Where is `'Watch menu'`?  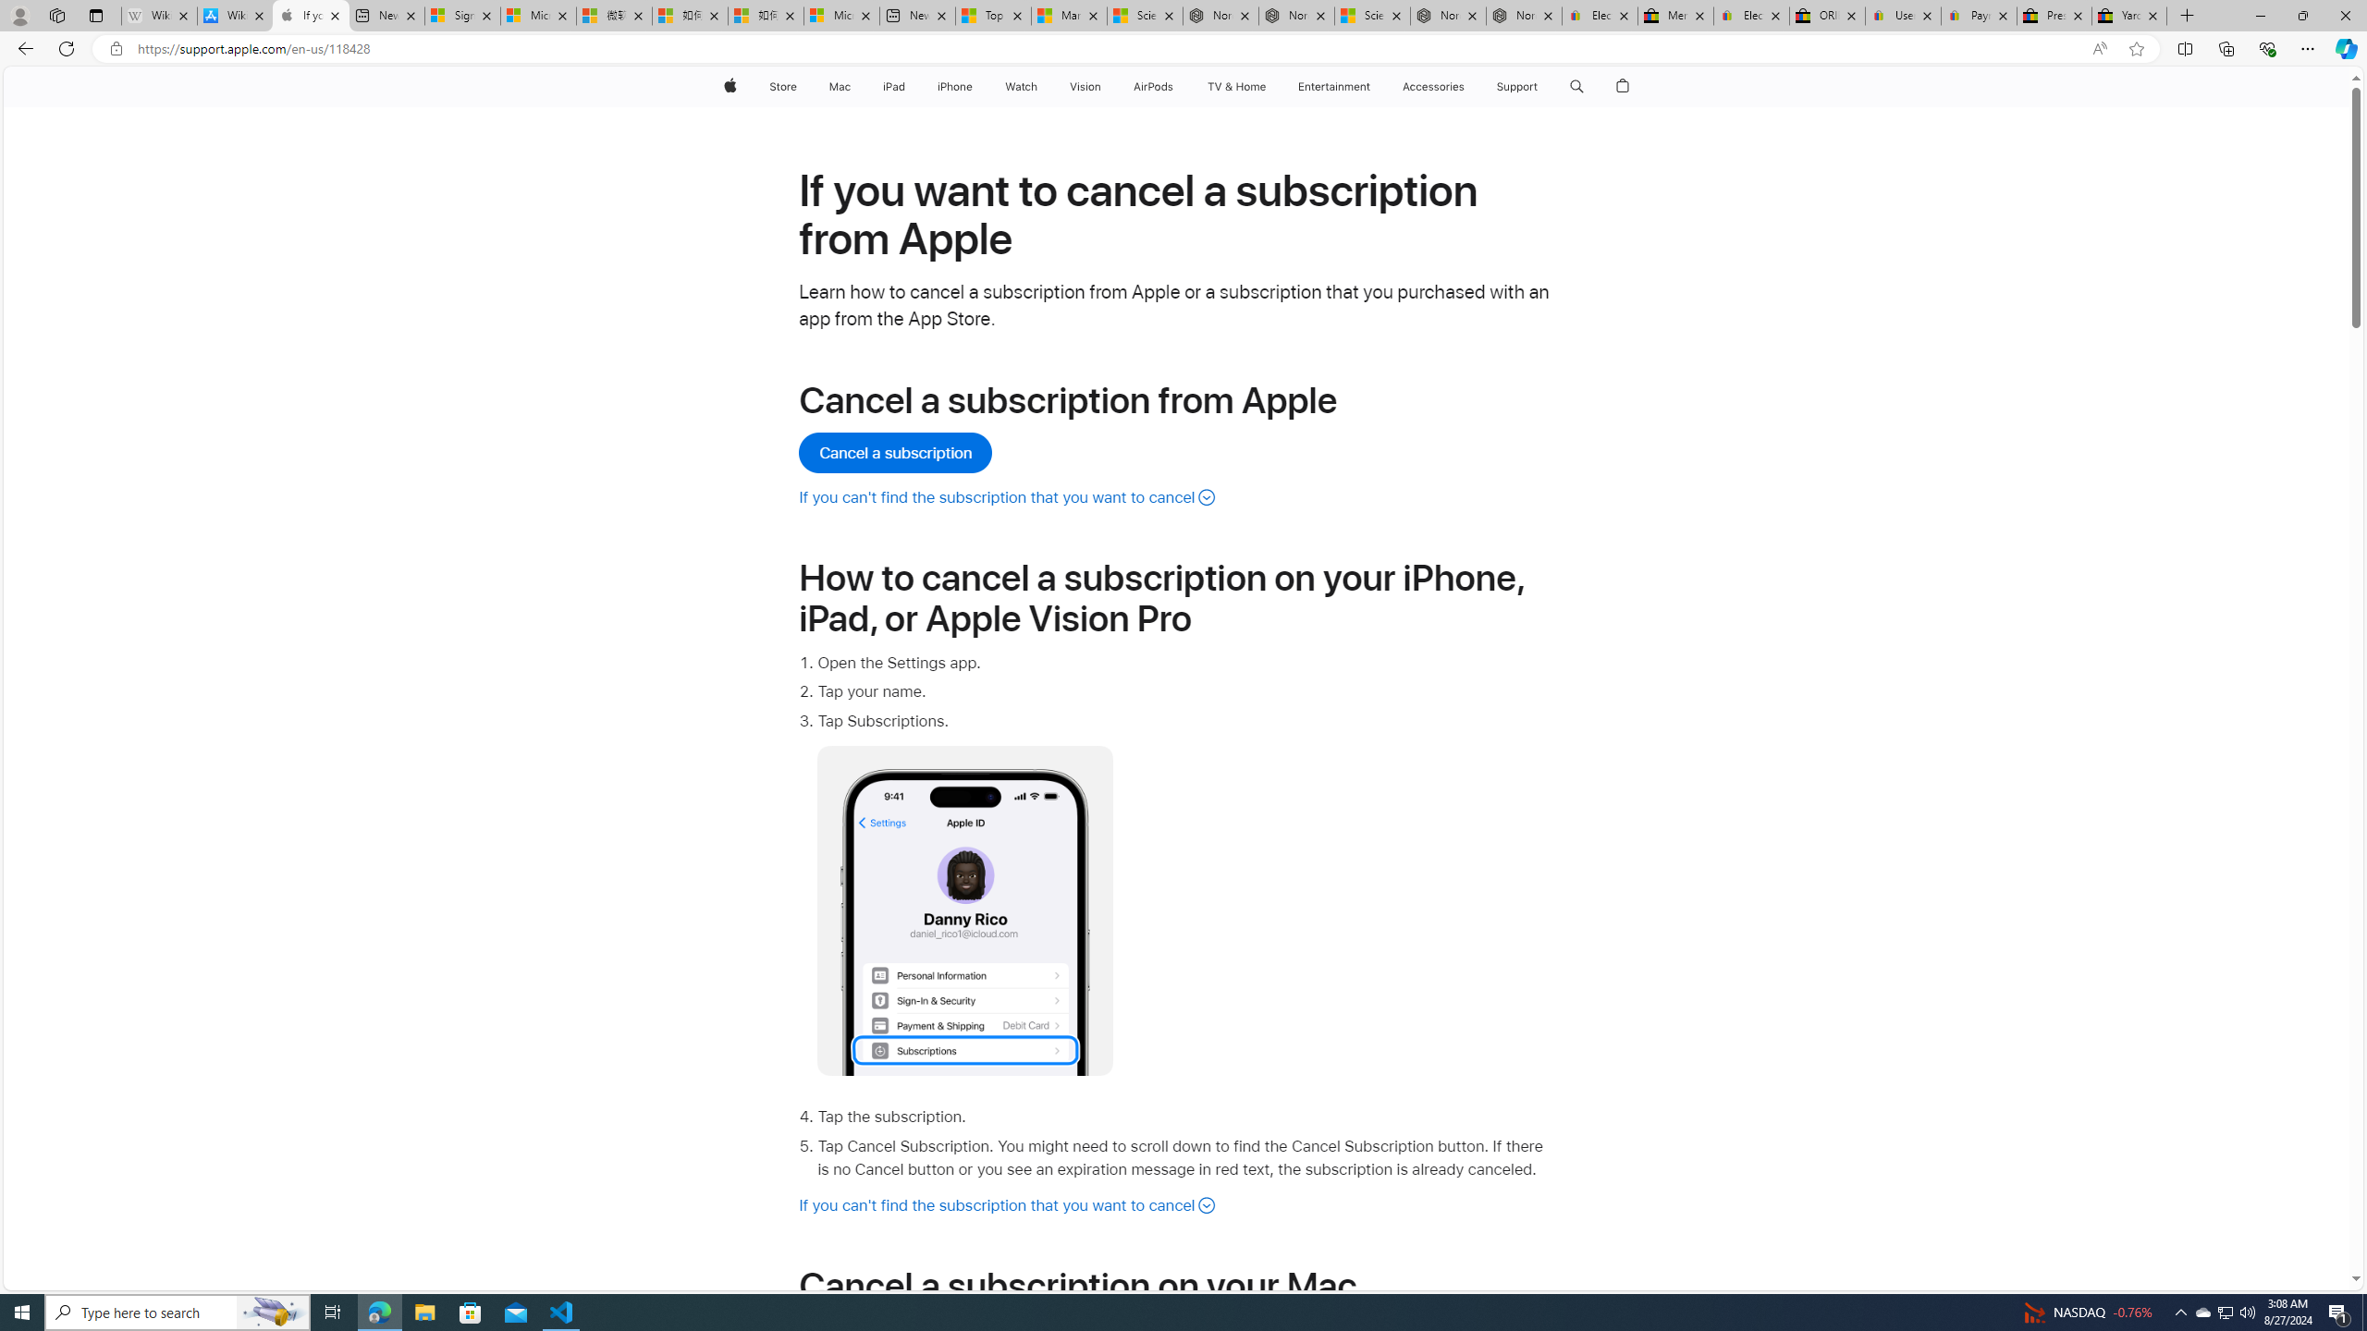 'Watch menu' is located at coordinates (1041, 86).